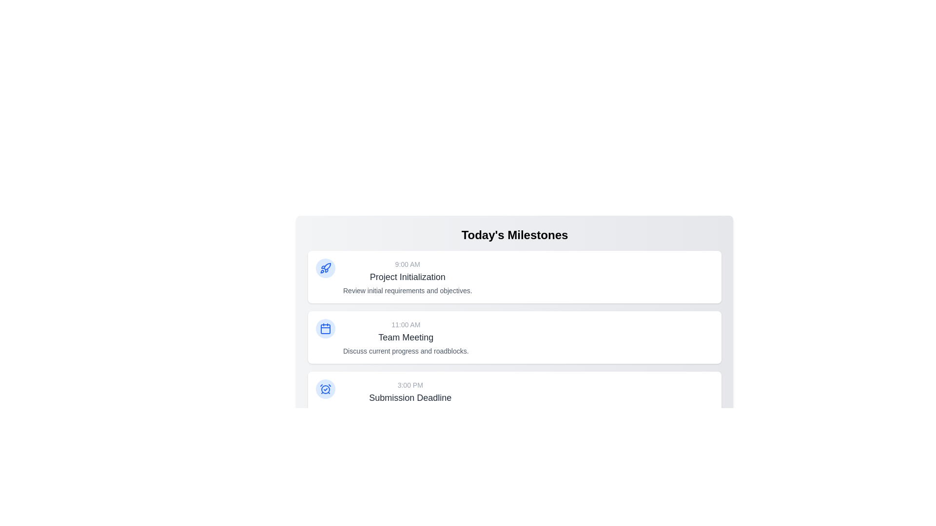  I want to click on the circular element with a blue border that is part of the clock icon, located adjacent to the 'Submission Deadline' text, so click(325, 389).